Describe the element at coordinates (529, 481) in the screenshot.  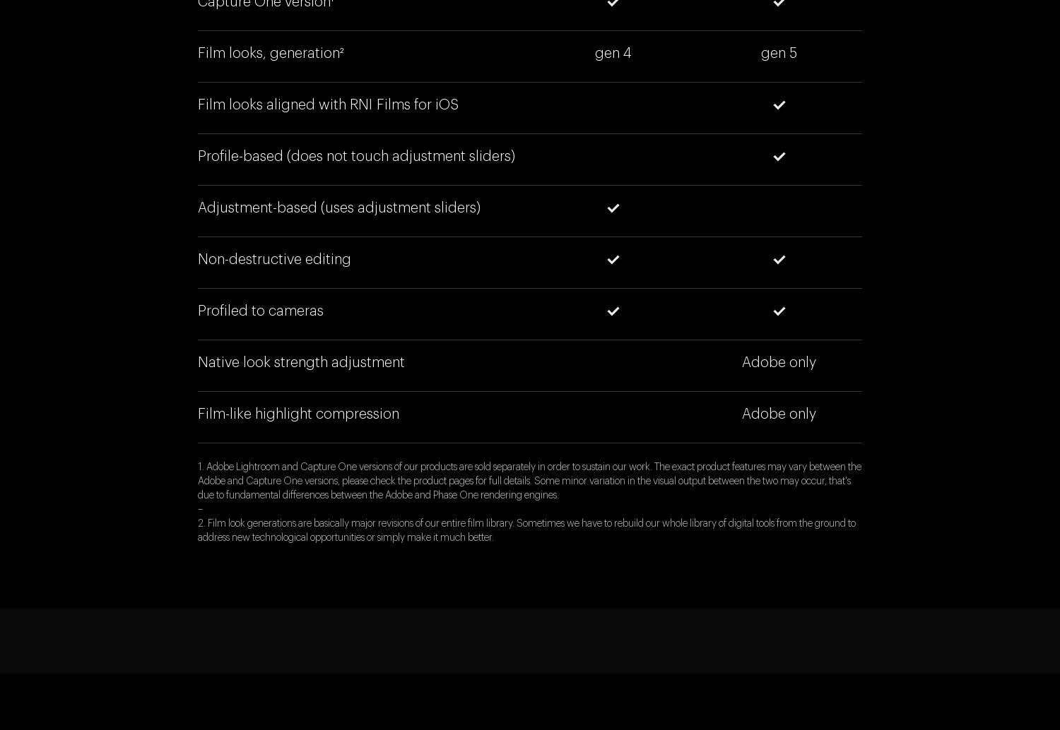
I see `'1. Adobe Lightroom and Capture One versions of our products are sold separately in order to sustain our work. The exact product features may vary between the Adobe and Capture One versions, please check the product pages for full details. Some minor variation in the visual output between the two may occur, that's due to fundamental differences between the Adobe and Phase One rendering engines.'` at that location.